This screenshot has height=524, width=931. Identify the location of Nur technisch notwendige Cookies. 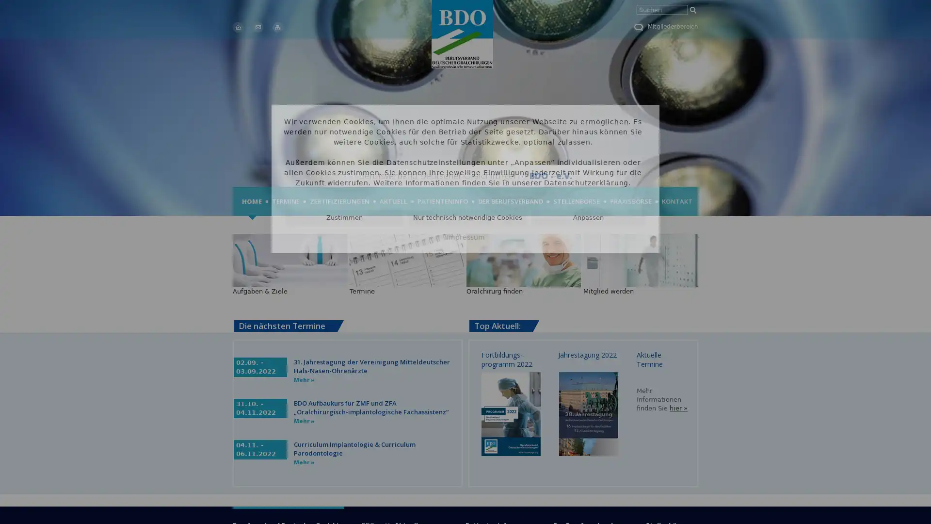
(467, 217).